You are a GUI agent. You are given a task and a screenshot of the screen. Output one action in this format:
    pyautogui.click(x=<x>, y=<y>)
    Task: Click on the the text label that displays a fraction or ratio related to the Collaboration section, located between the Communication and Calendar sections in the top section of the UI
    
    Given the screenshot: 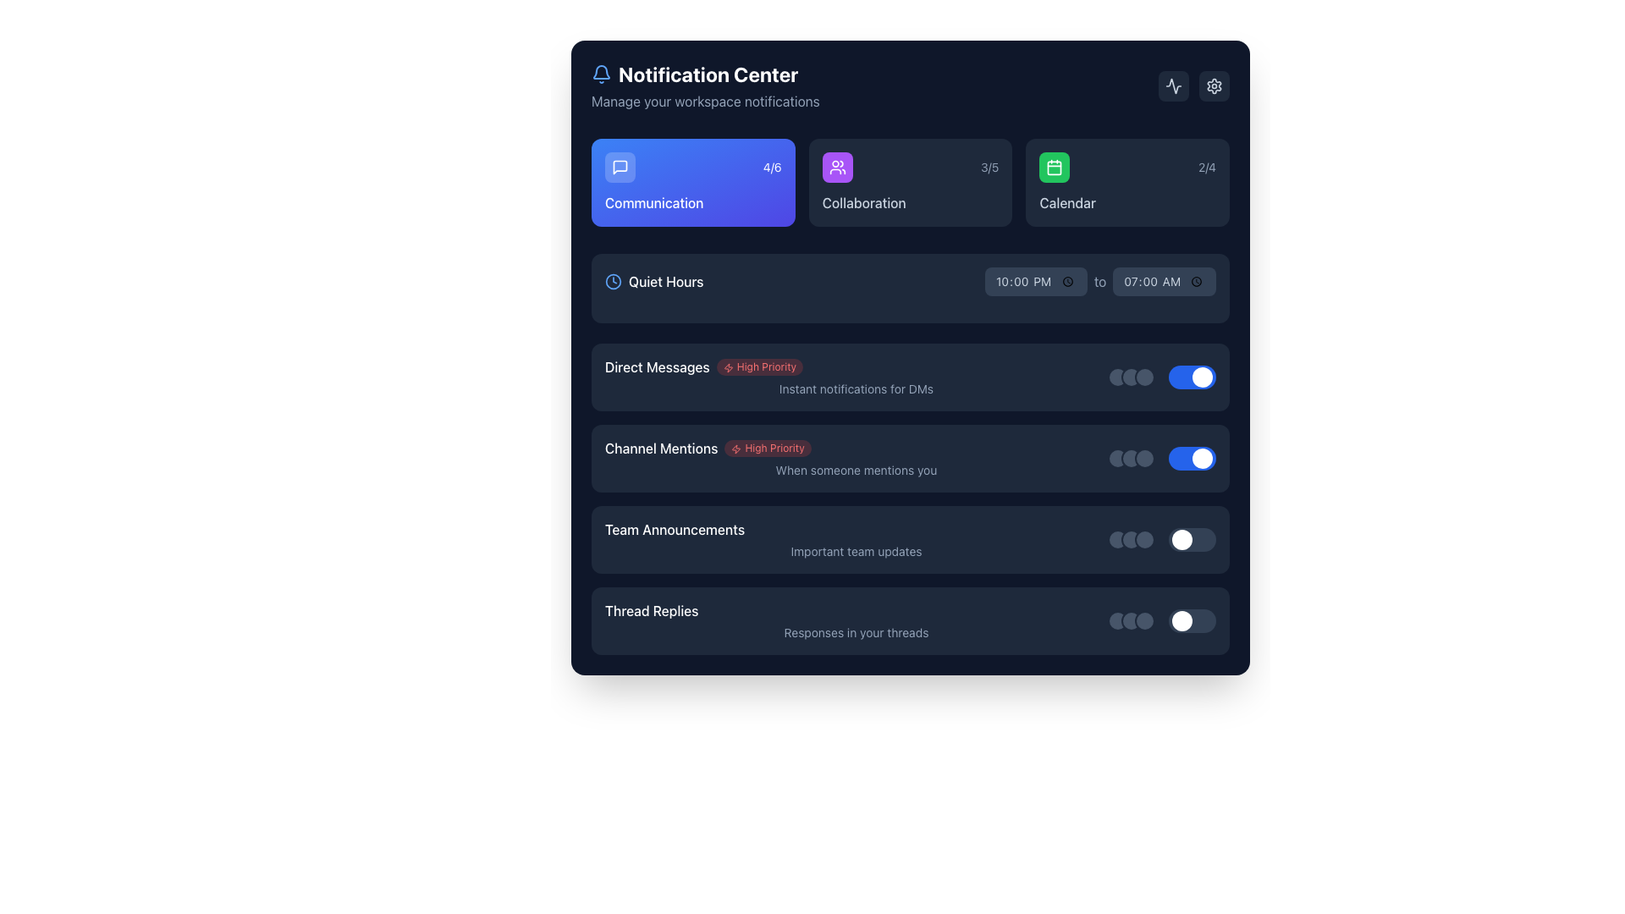 What is the action you would take?
    pyautogui.click(x=989, y=167)
    